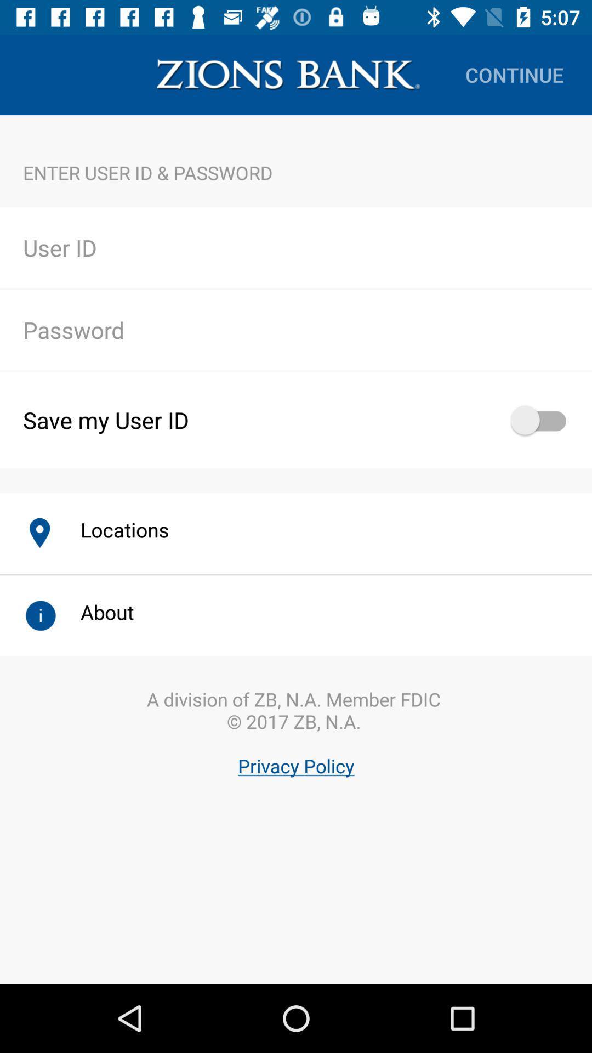  I want to click on item above the enter user id icon, so click(288, 74).